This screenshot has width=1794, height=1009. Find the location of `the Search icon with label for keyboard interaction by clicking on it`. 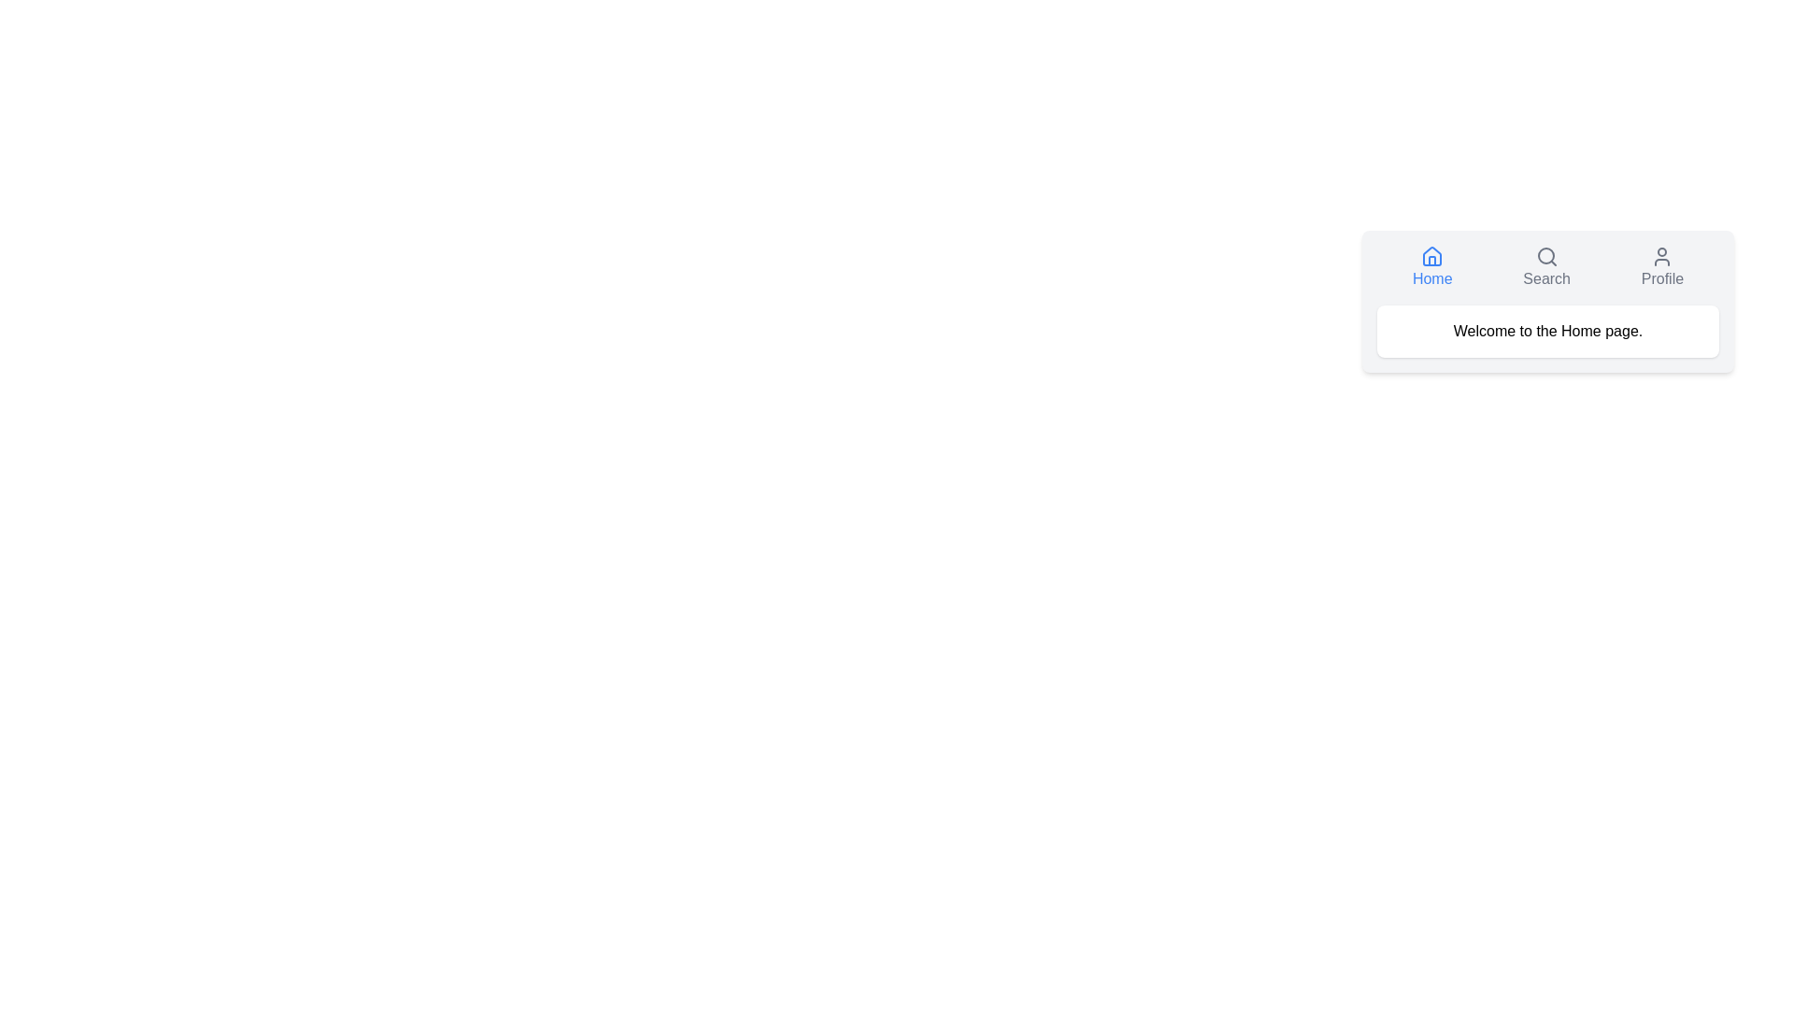

the Search icon with label for keyboard interaction by clicking on it is located at coordinates (1546, 267).